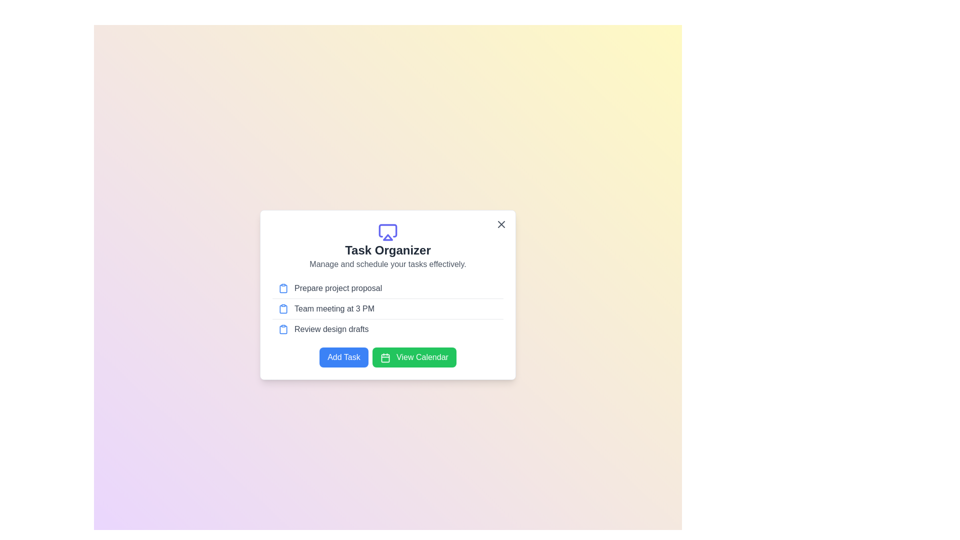 This screenshot has width=960, height=540. I want to click on the indigo SVG icon that resembles a projection device, located above the 'Task Organizer' title in the modal dialog box, so click(387, 232).